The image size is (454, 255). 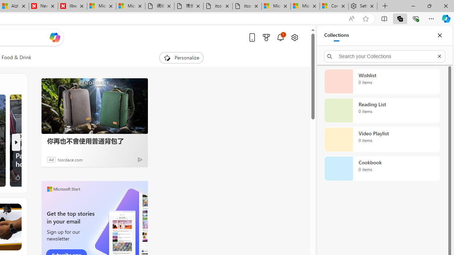 I want to click on 'Food & Drink', so click(x=16, y=57).